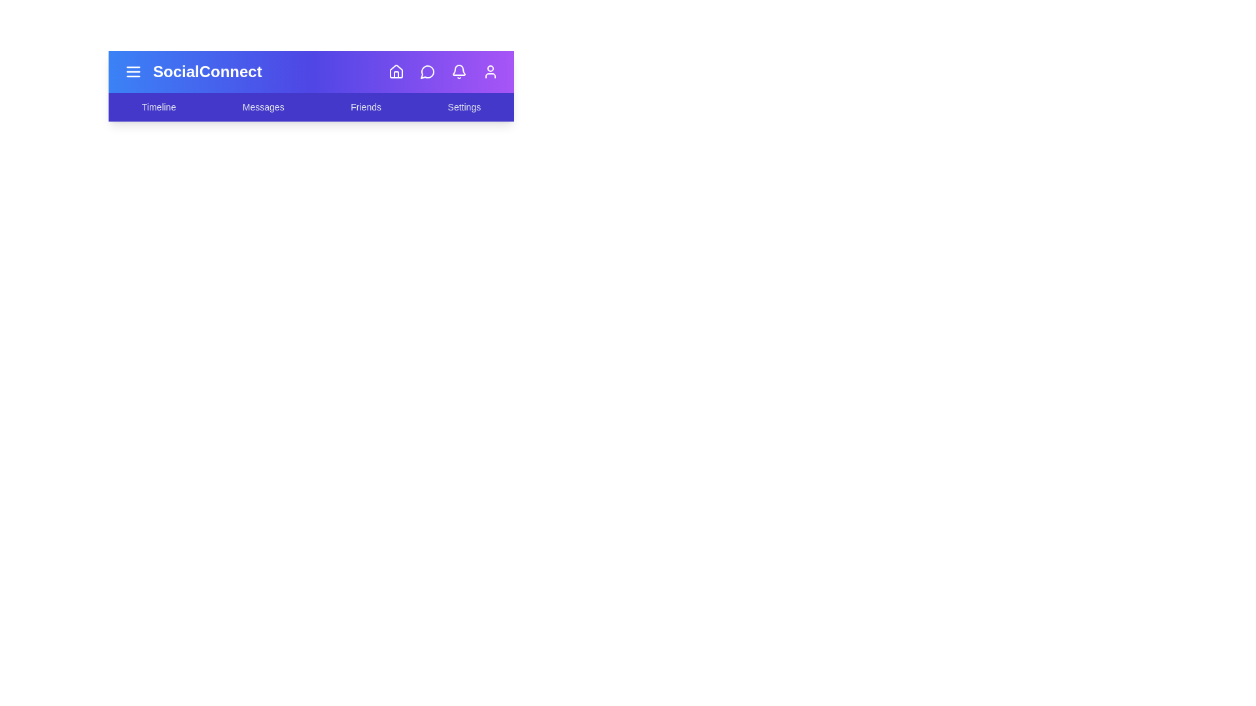 Image resolution: width=1256 pixels, height=706 pixels. What do you see at coordinates (464, 107) in the screenshot?
I see `the Settings Menu to observe visual effects` at bounding box center [464, 107].